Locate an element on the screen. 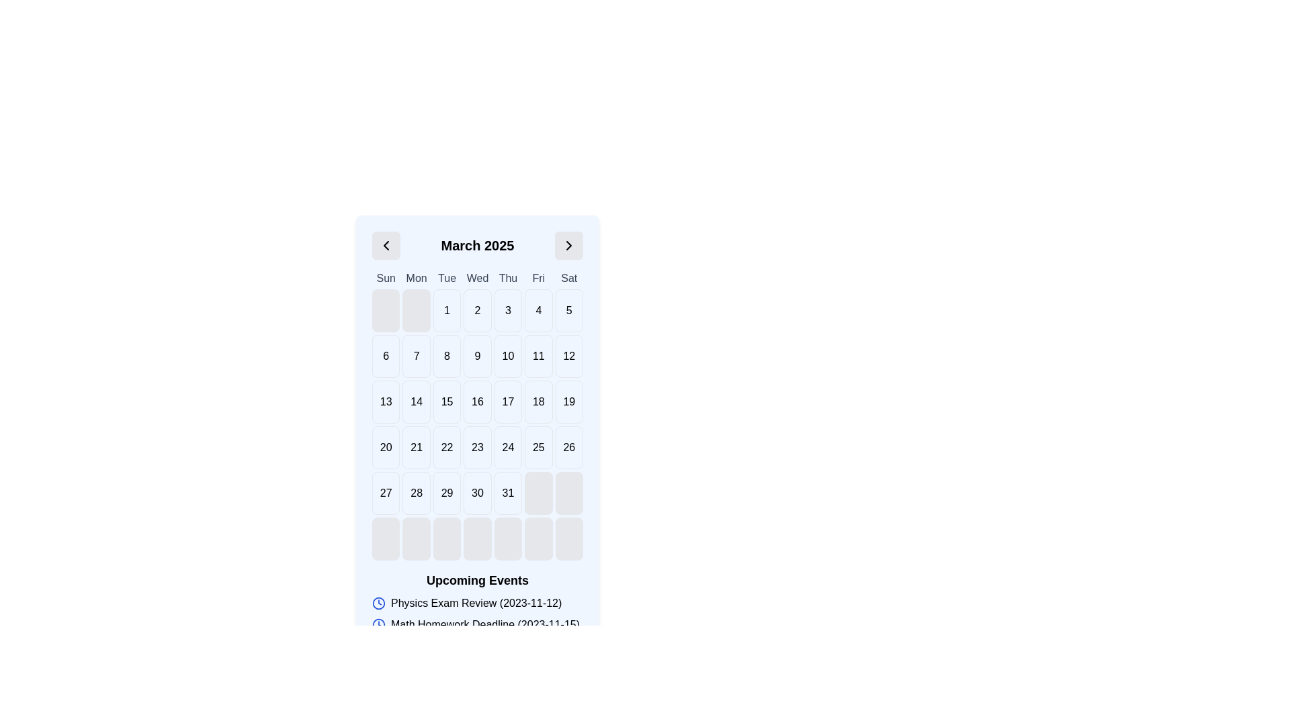 This screenshot has width=1290, height=725. the Text Label that serves as the header for the calendar, indicating the currently displayed month and year, which is centrally positioned at the top of the calendar is located at coordinates (477, 246).